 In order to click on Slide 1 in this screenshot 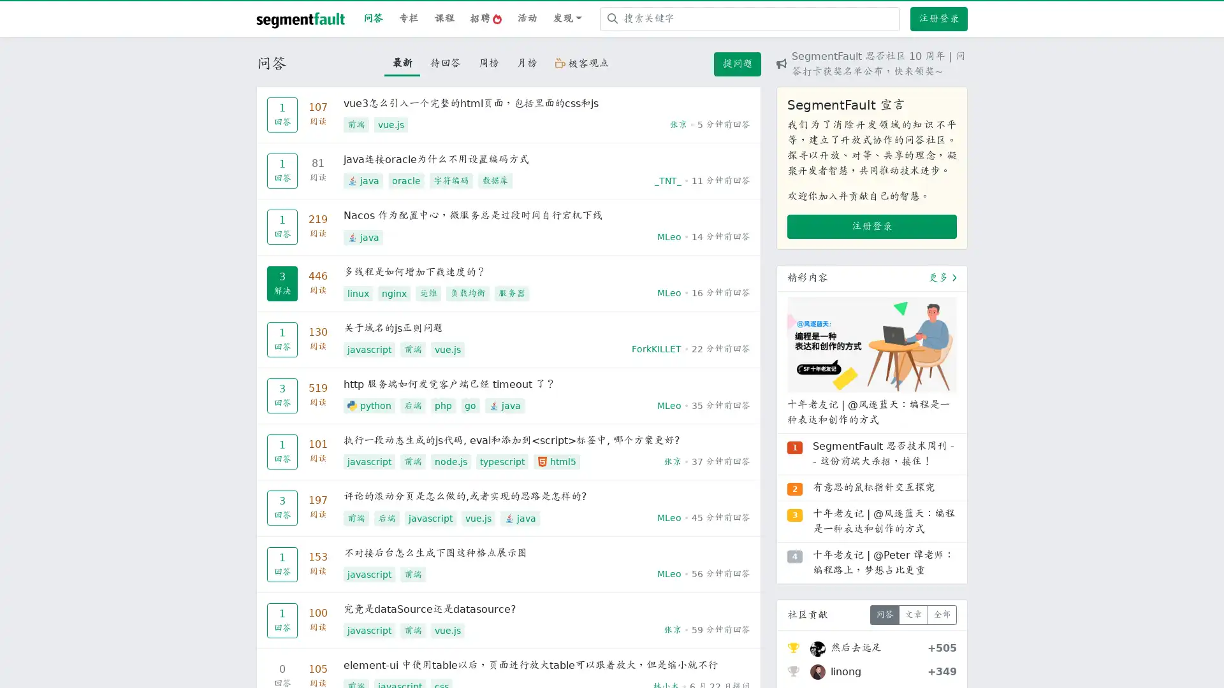, I will do `click(849, 526)`.